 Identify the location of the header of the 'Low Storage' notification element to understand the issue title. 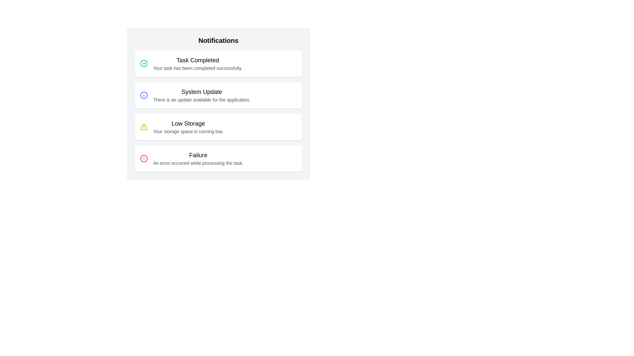
(188, 127).